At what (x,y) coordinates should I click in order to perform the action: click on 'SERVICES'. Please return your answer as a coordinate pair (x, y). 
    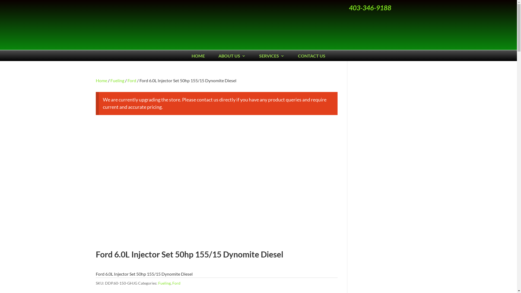
    Looking at the image, I should click on (272, 57).